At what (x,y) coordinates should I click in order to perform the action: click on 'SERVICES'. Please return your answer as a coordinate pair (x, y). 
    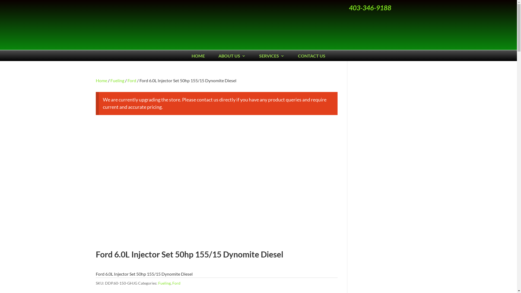
    Looking at the image, I should click on (272, 57).